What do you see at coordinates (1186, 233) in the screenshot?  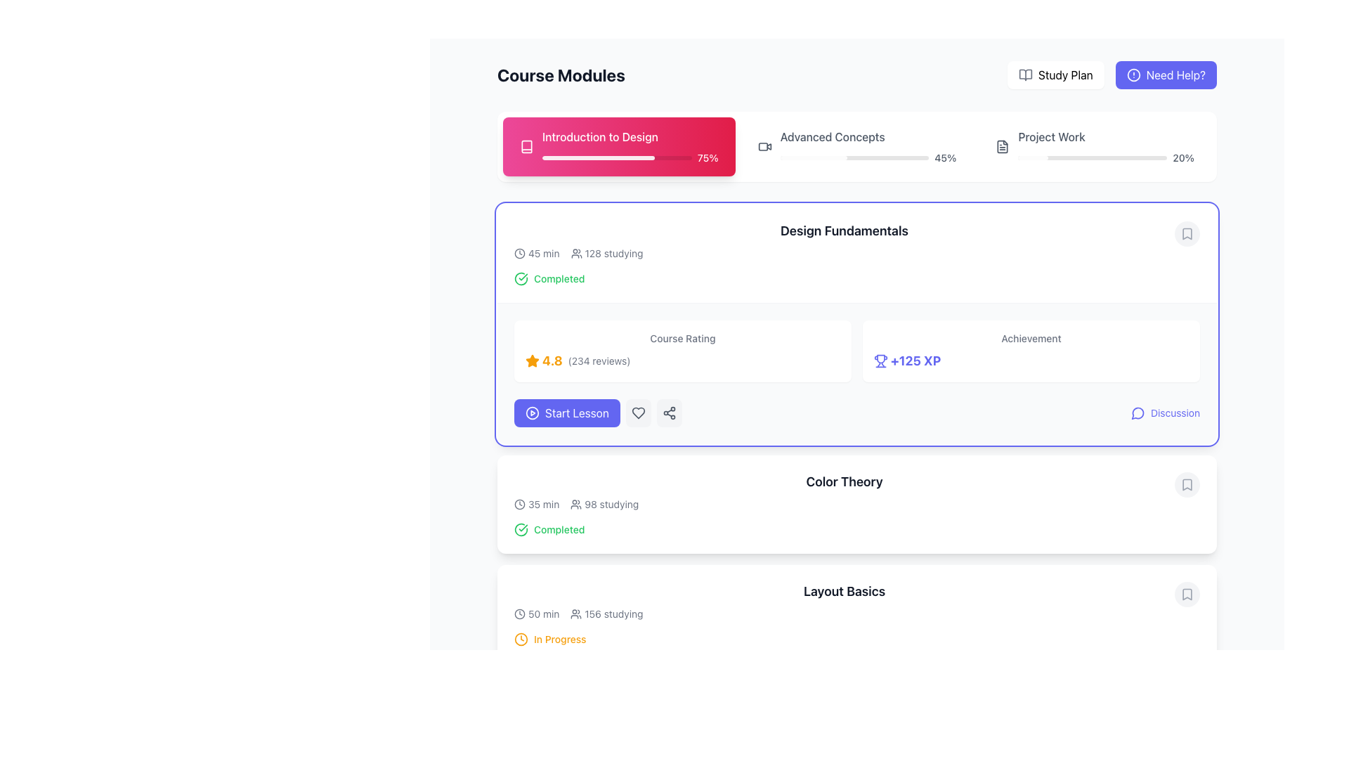 I see `the bookmark icon in the top-right corner of the 'Design Fundamentals' section` at bounding box center [1186, 233].